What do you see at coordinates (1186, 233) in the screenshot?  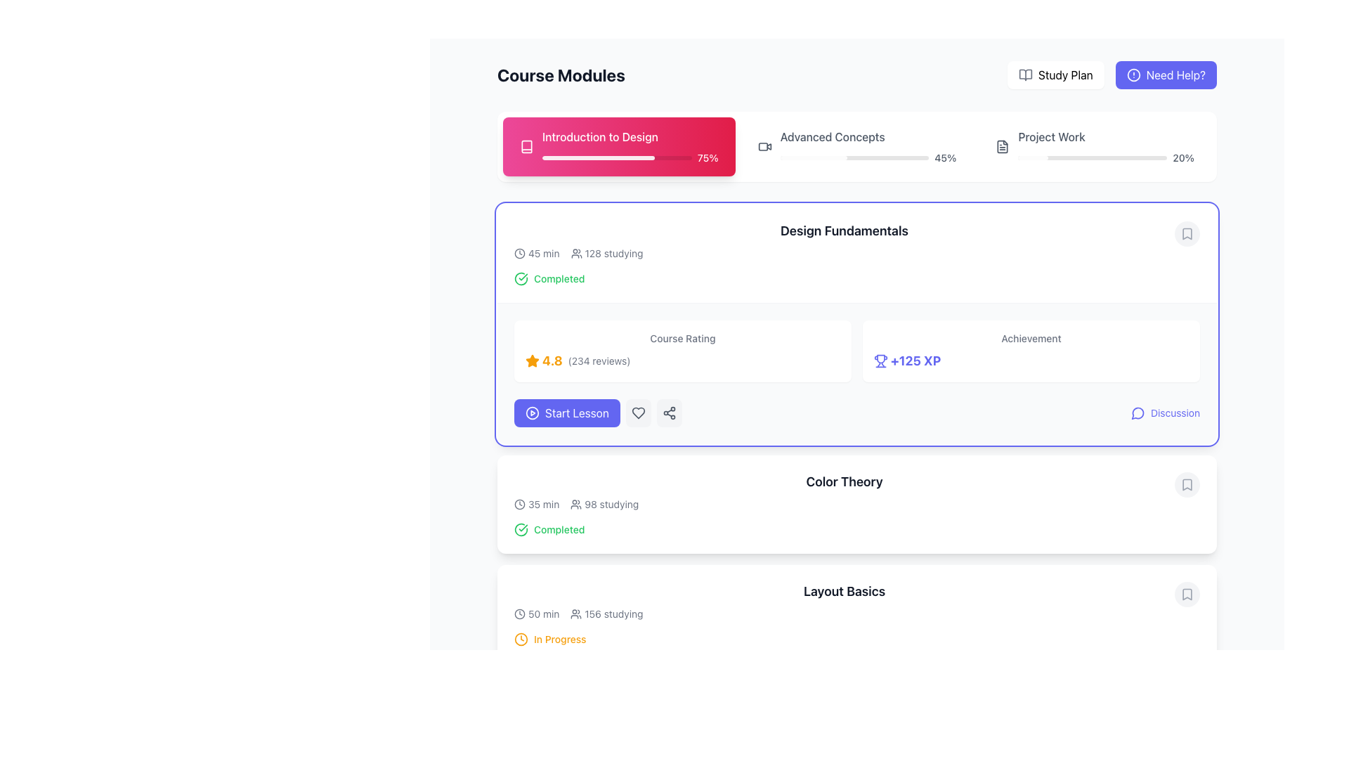 I see `the bookmark icon in the top-right corner of the 'Design Fundamentals' section` at bounding box center [1186, 233].